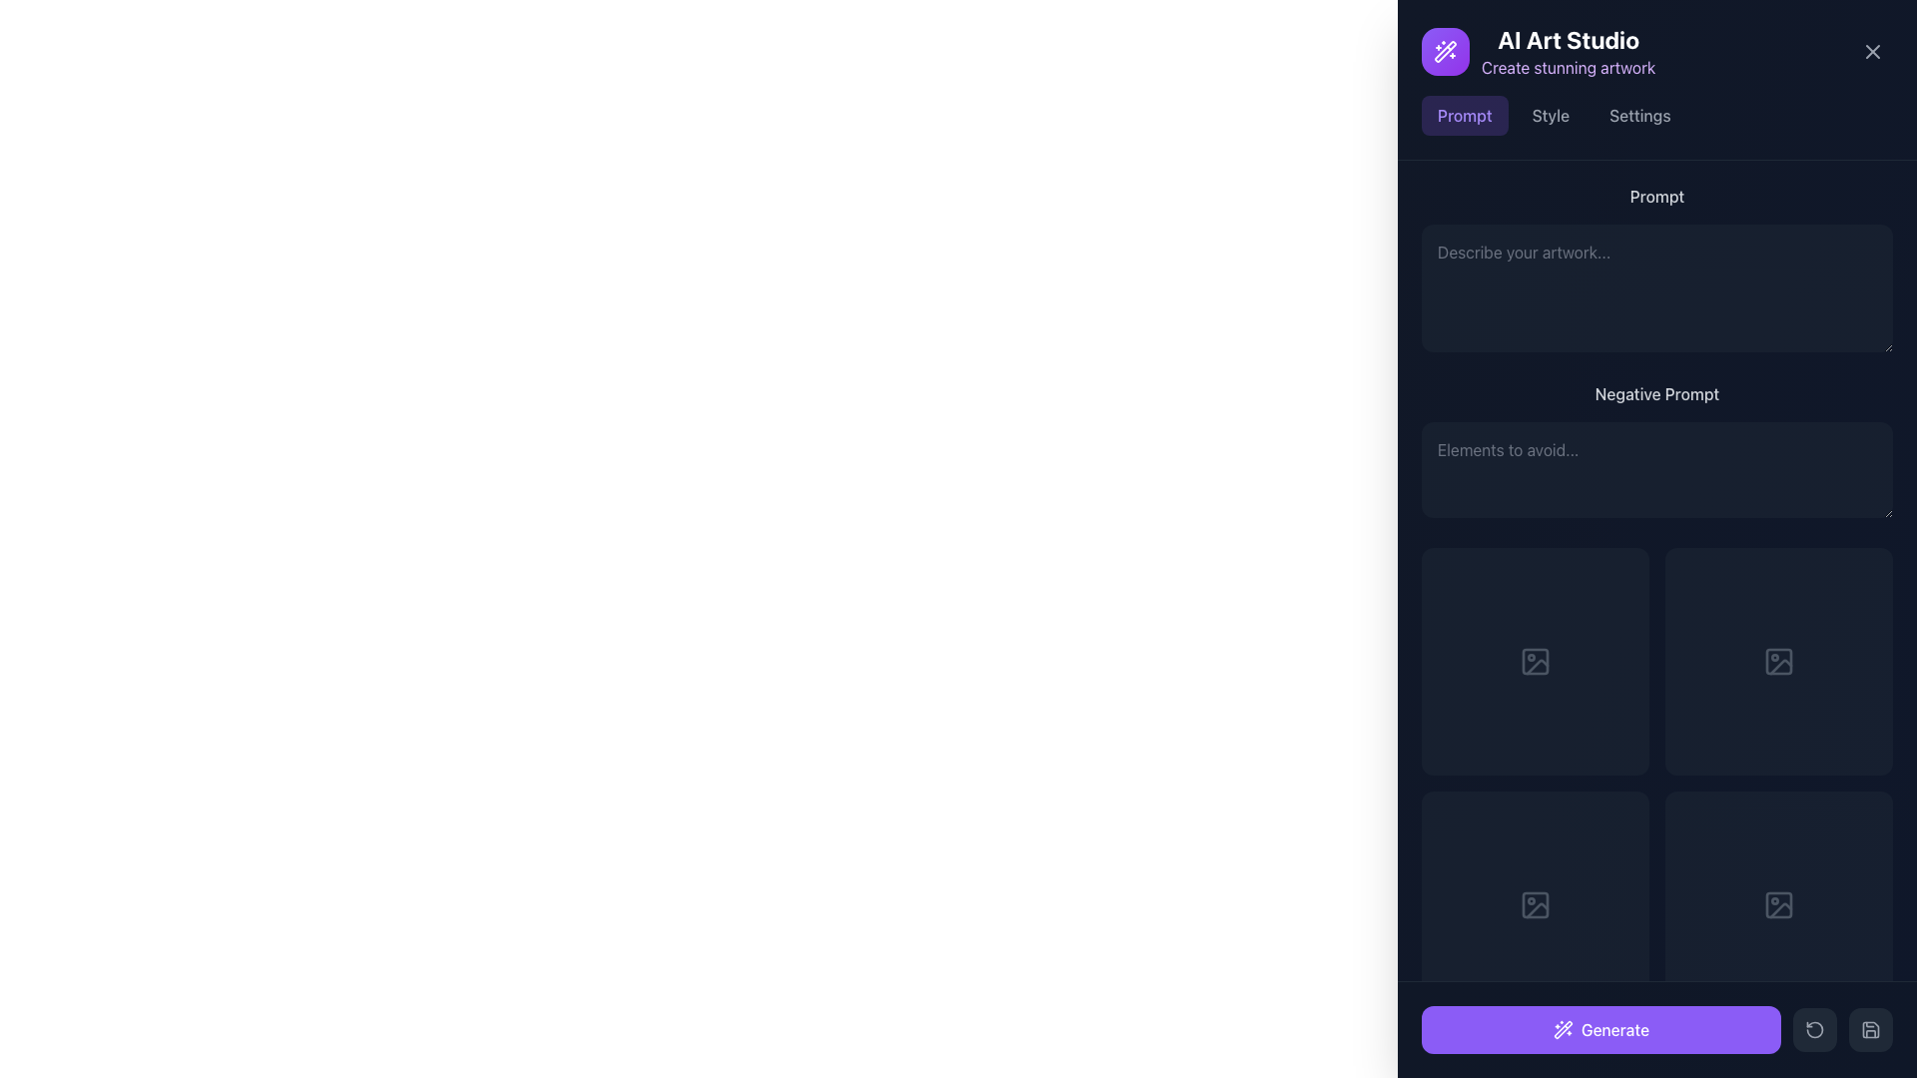  I want to click on the static text element displaying 'Create stunning artwork', which is styled in light purple and located beneath the title 'AI Art Studio' in the right sidebar, so click(1568, 67).